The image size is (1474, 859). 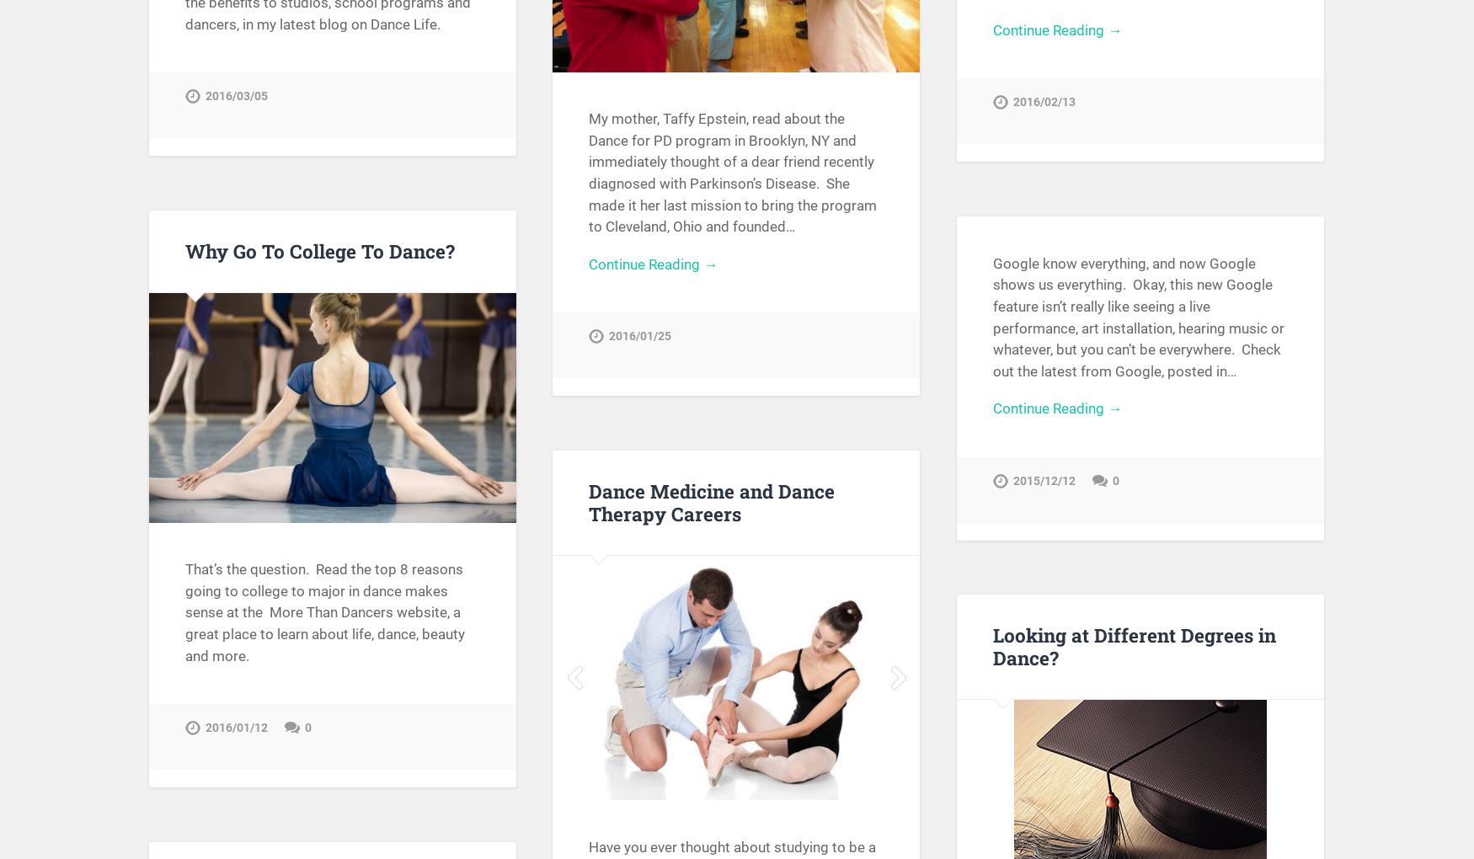 What do you see at coordinates (991, 315) in the screenshot?
I see `'Google know everything, and now Google shows us everything.  Okay, this new Google feature isn’t really like seeing a live performance, art installation, hearing music or whatever, but you can’t be everywhere.  Check out the latest from Google, posted in…'` at bounding box center [991, 315].